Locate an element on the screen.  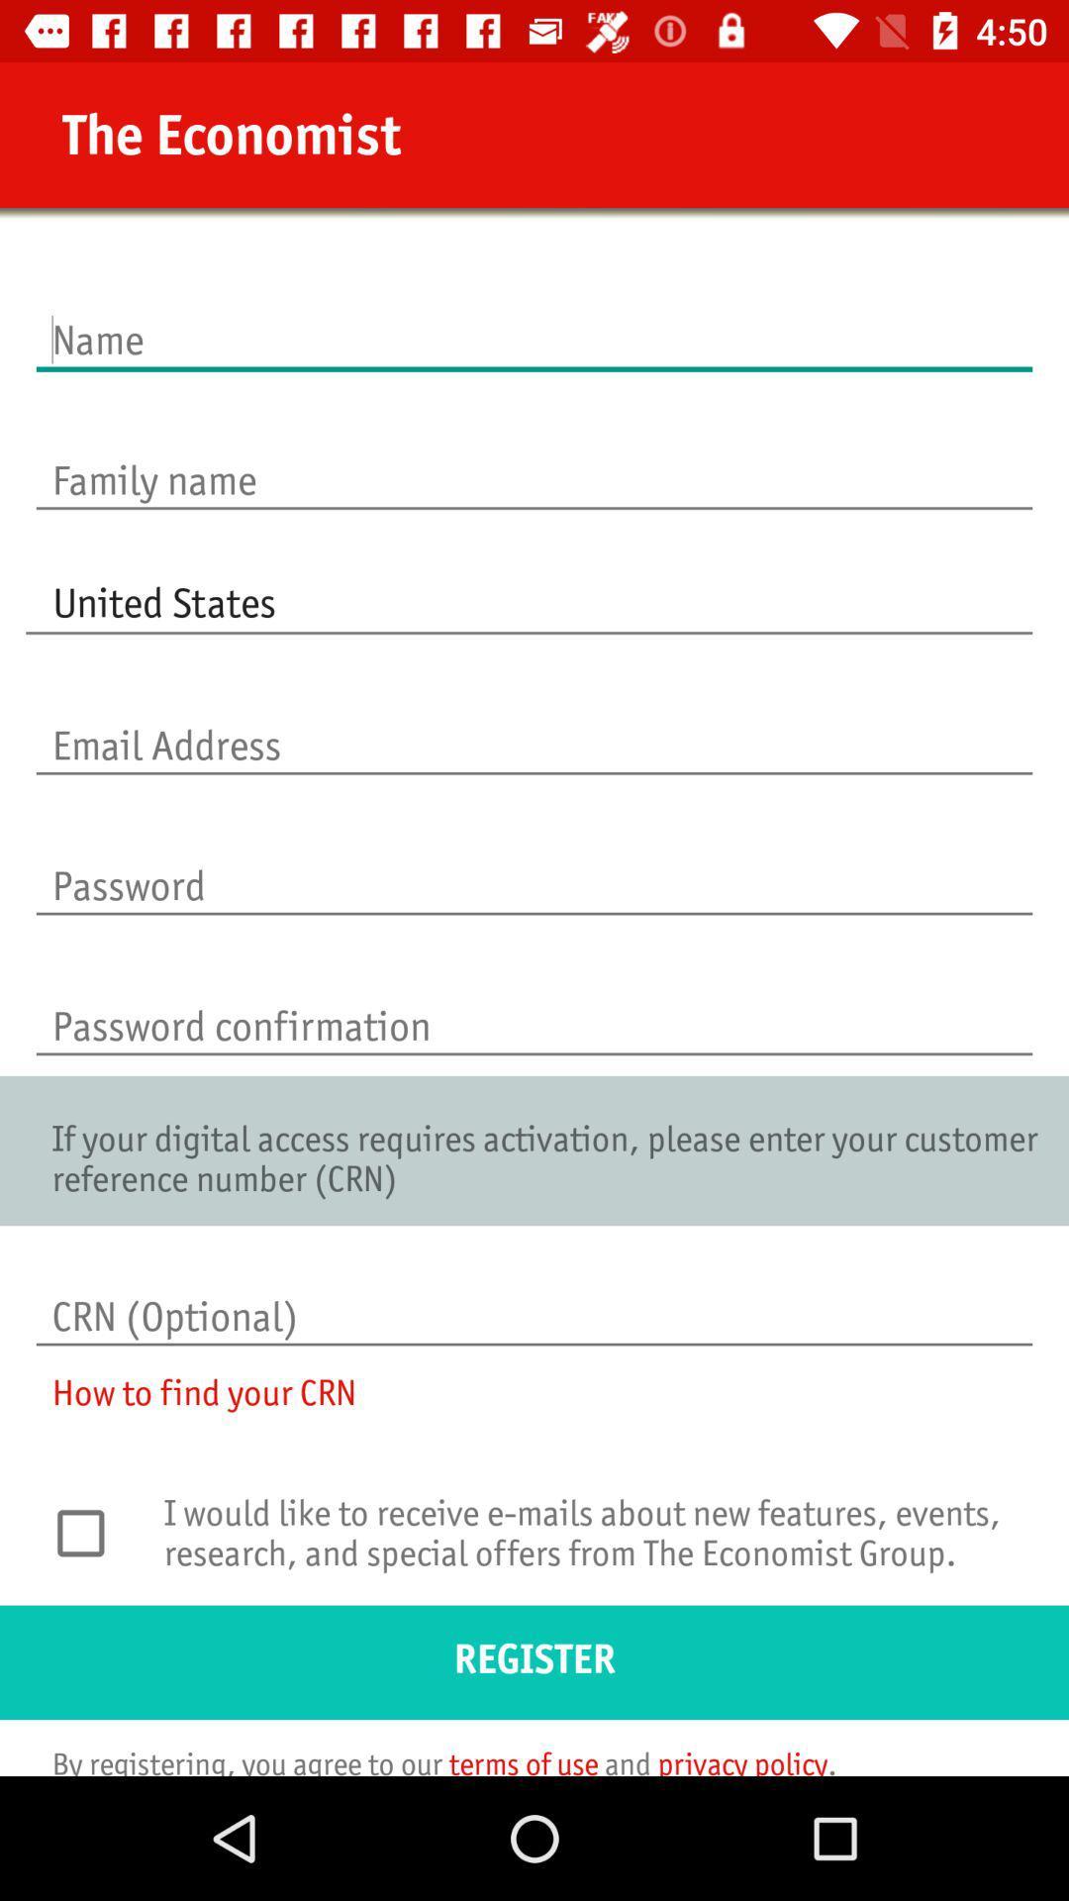
password field is located at coordinates (534, 865).